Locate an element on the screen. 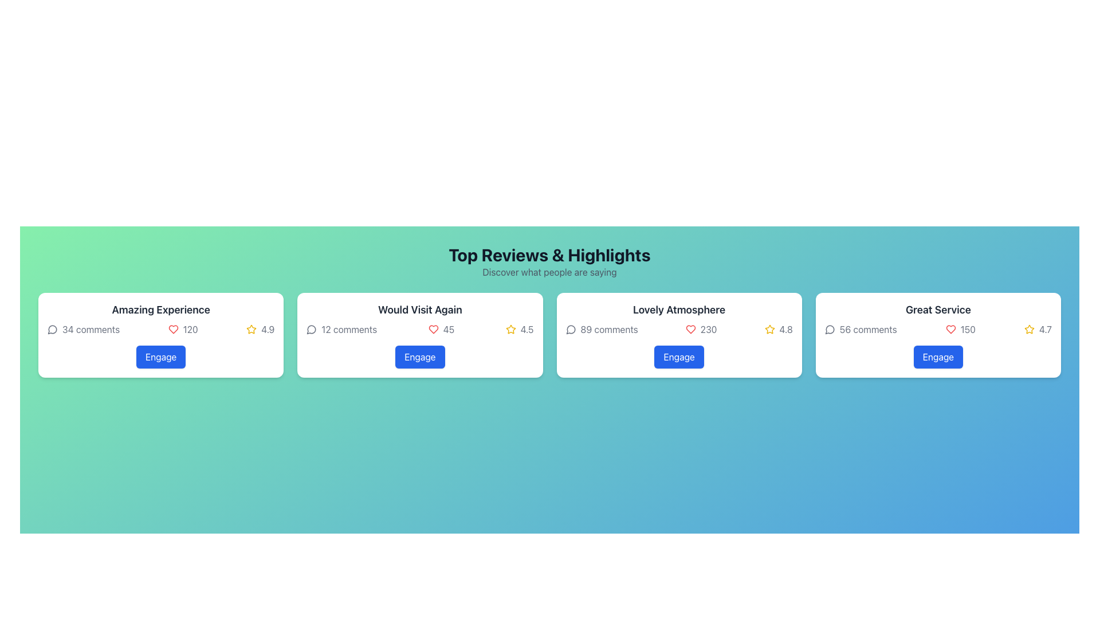 This screenshot has height=619, width=1100. the button located at the bottom of the review card titled 'Lovely Atmosphere' for accessibility navigation is located at coordinates (679, 356).